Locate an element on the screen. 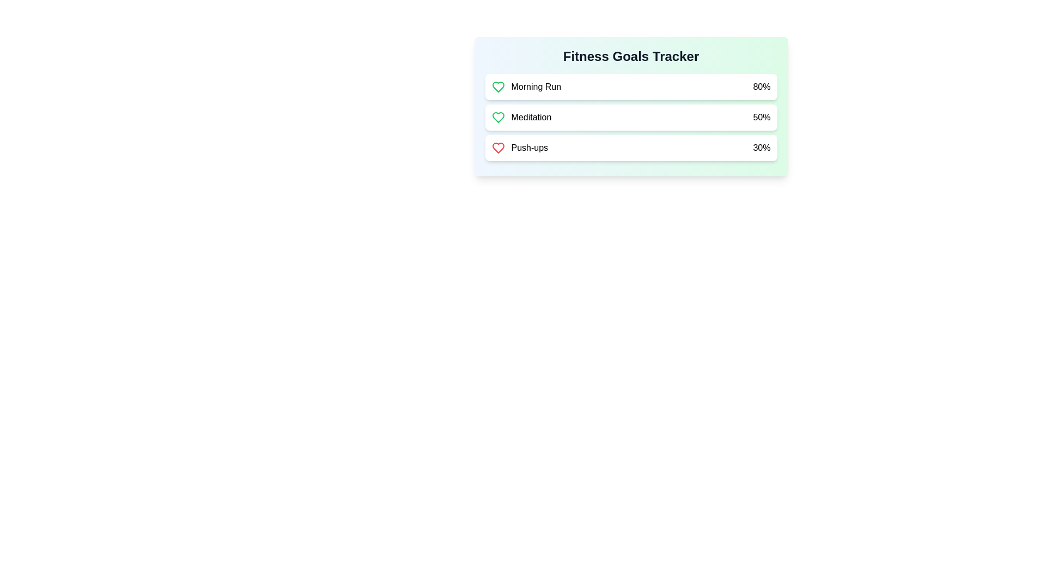 Image resolution: width=1046 pixels, height=588 pixels. the heart-shaped icon outlined in green is located at coordinates (497, 86).